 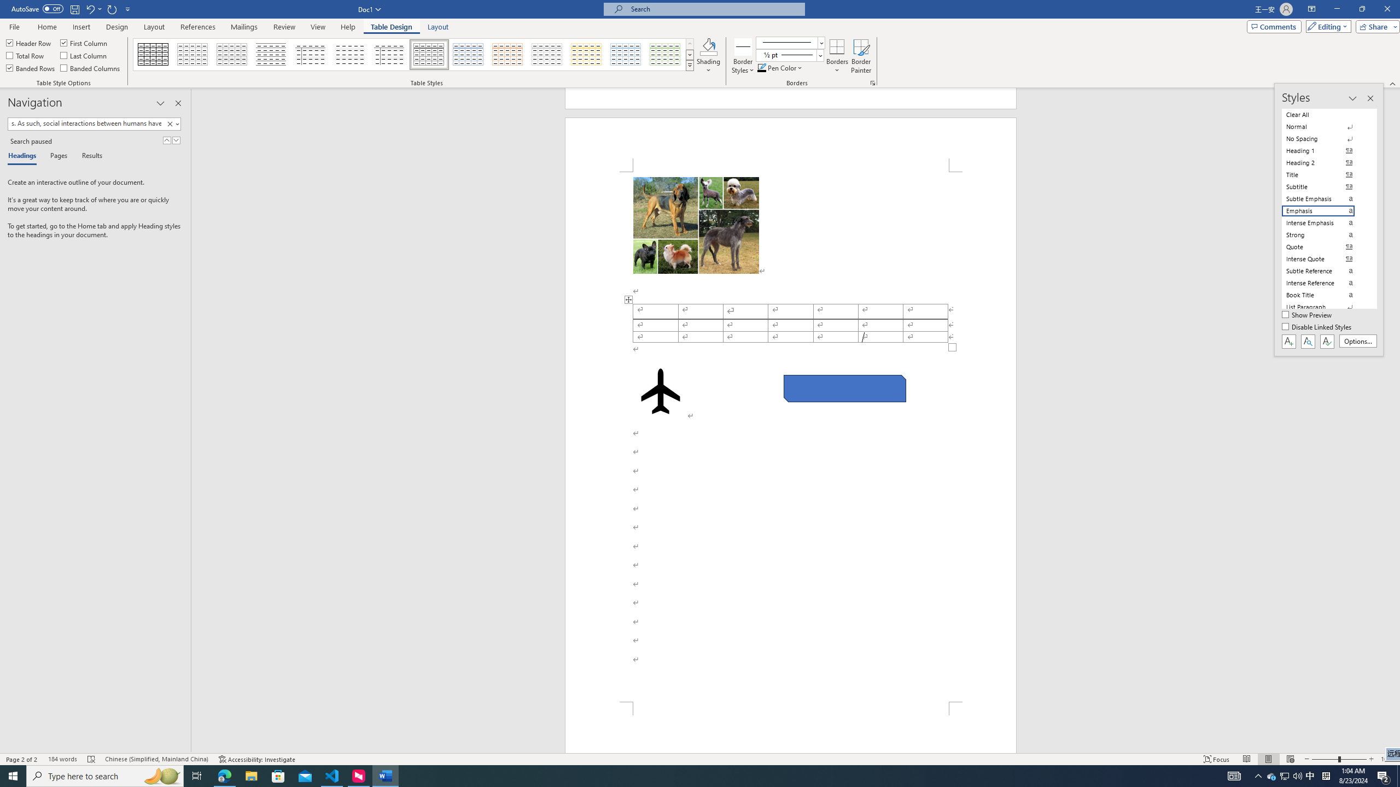 What do you see at coordinates (84, 42) in the screenshot?
I see `'First Column'` at bounding box center [84, 42].